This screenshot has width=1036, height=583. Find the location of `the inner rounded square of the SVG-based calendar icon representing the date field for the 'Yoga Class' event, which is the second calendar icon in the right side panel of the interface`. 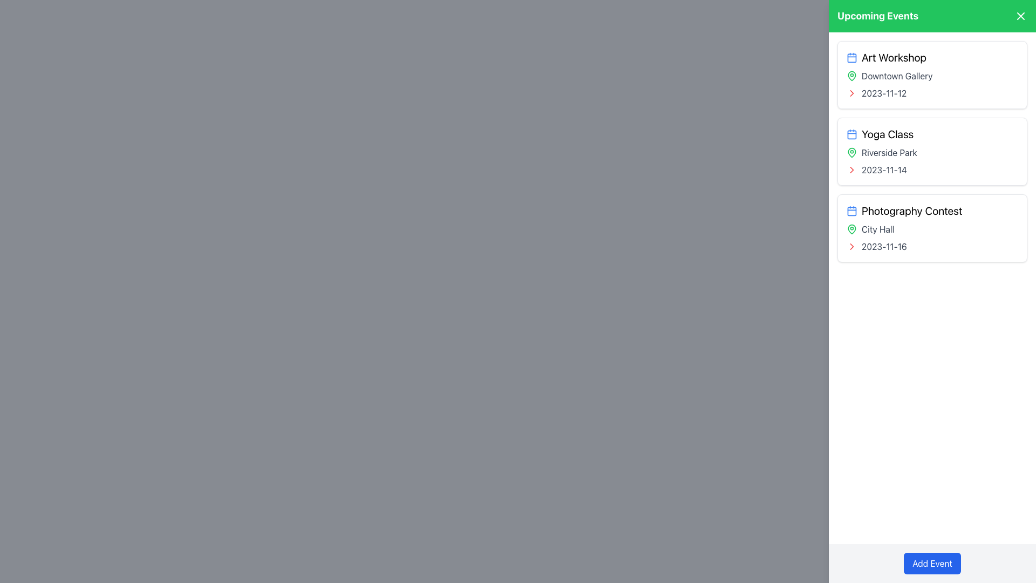

the inner rounded square of the SVG-based calendar icon representing the date field for the 'Yoga Class' event, which is the second calendar icon in the right side panel of the interface is located at coordinates (851, 134).